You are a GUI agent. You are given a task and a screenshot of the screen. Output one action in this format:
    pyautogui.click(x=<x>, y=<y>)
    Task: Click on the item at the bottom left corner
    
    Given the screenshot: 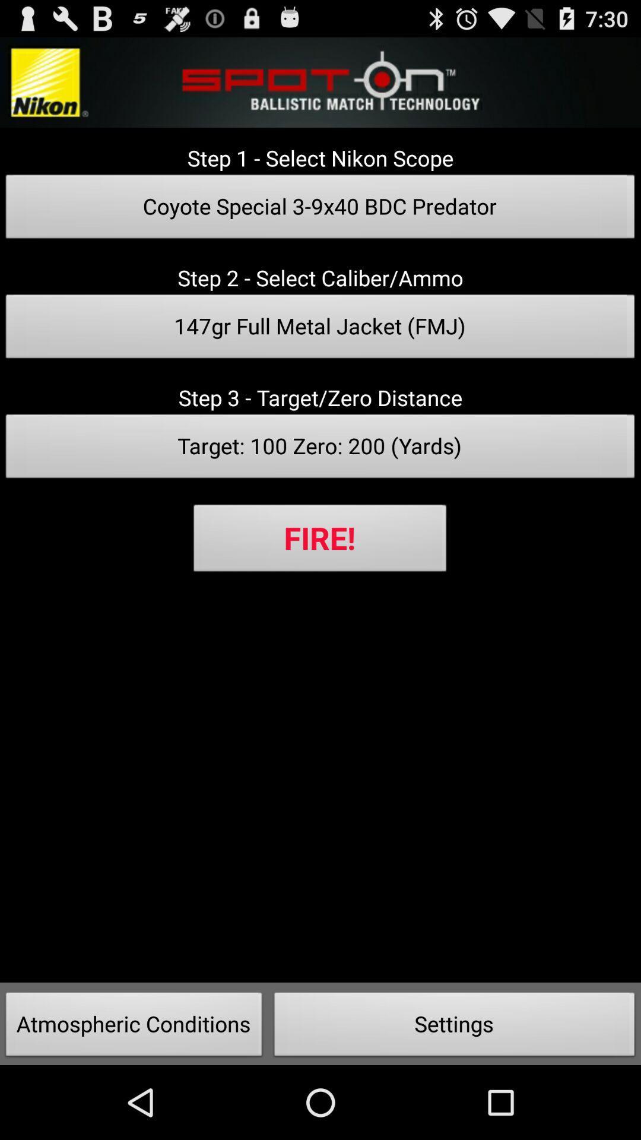 What is the action you would take?
    pyautogui.click(x=134, y=1027)
    